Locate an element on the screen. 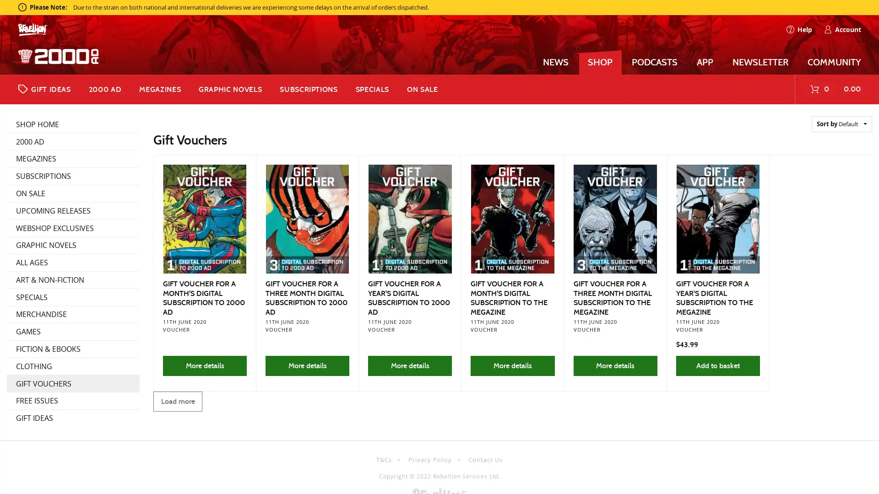 Image resolution: width=879 pixels, height=494 pixels. More details is located at coordinates (615, 365).